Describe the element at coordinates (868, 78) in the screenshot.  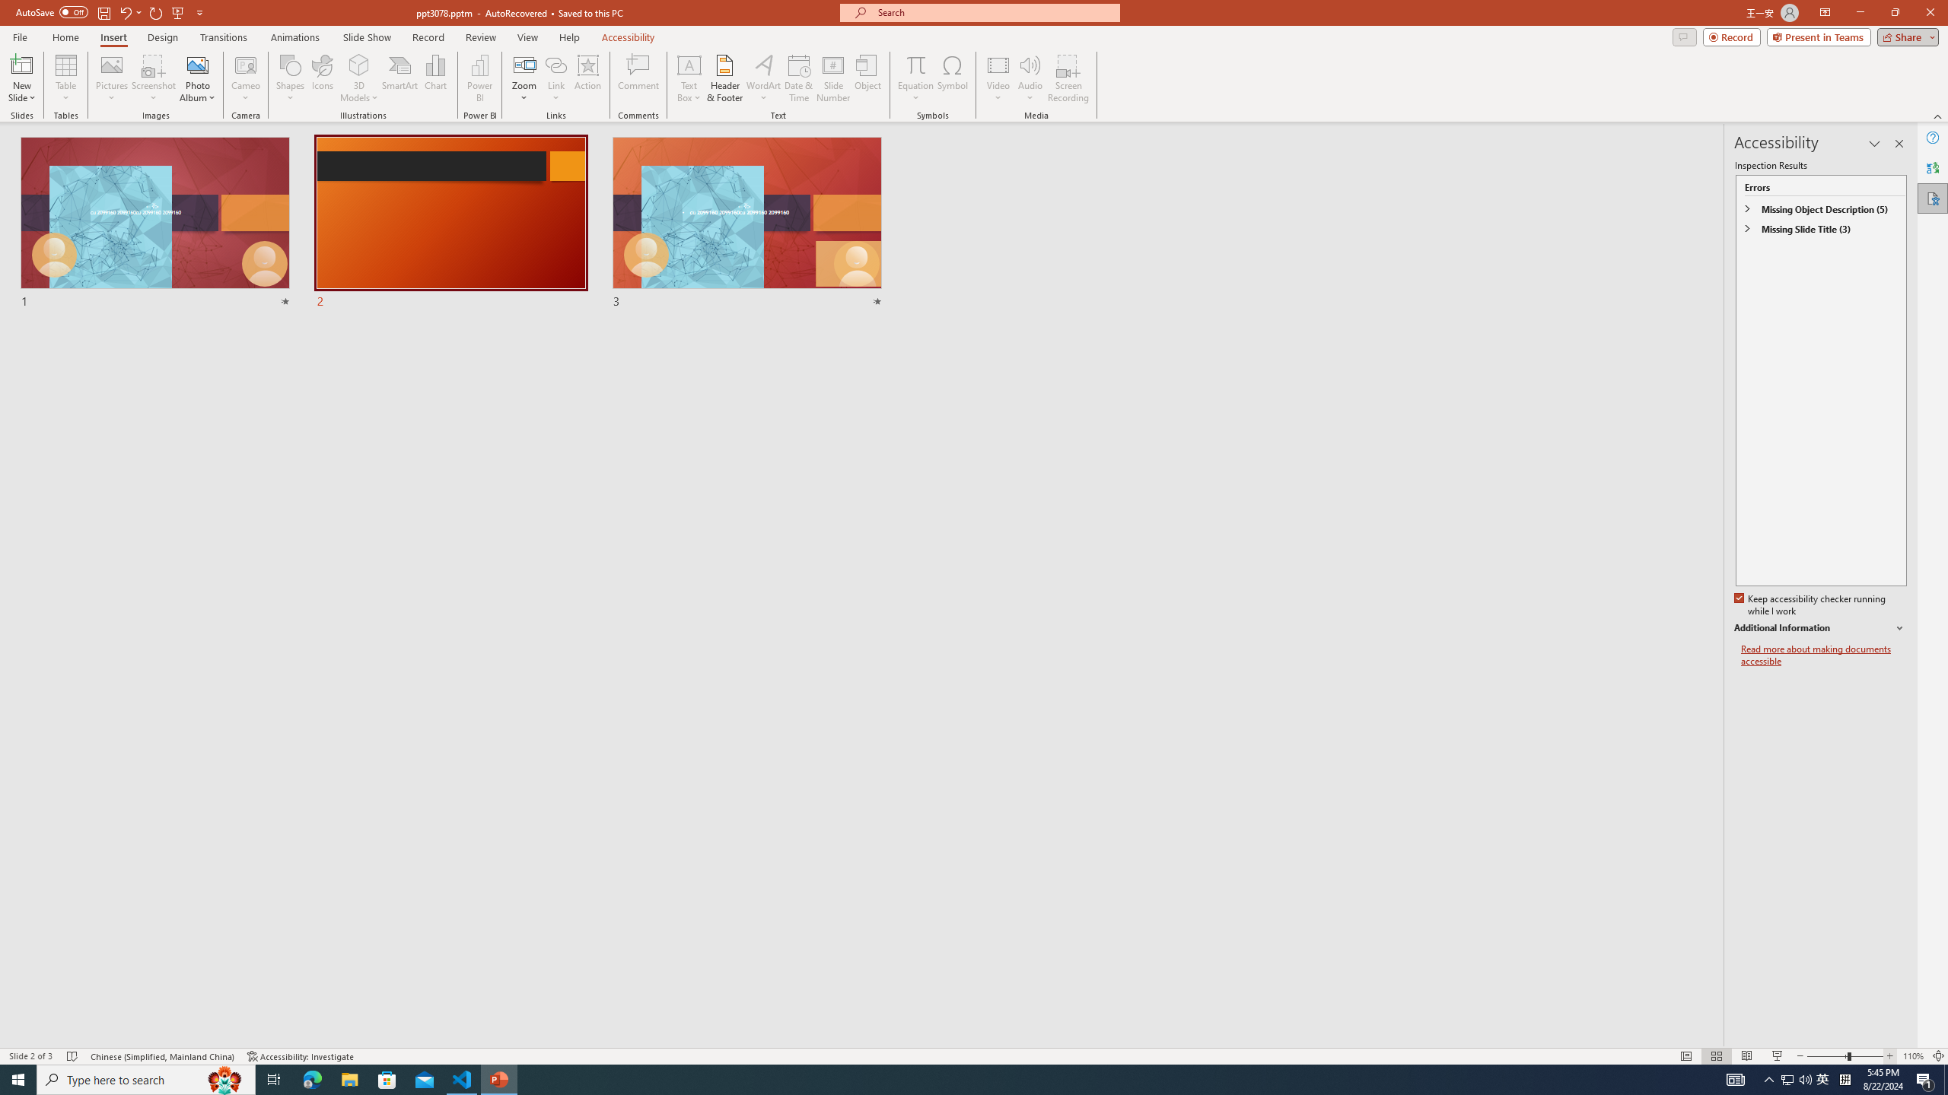
I see `'Object...'` at that location.